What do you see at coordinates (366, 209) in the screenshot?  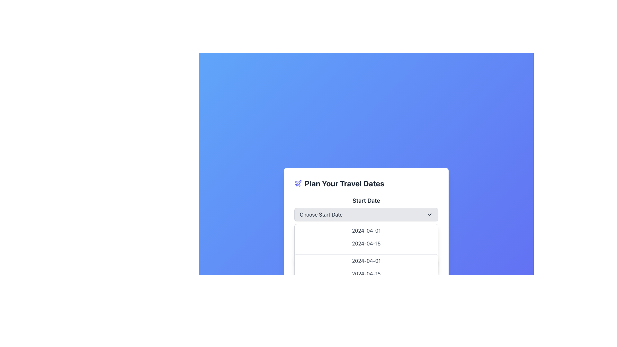 I see `the 'Choose Start Date' dropdown menu in the 'Plan Your Travel Dates' dialog` at bounding box center [366, 209].